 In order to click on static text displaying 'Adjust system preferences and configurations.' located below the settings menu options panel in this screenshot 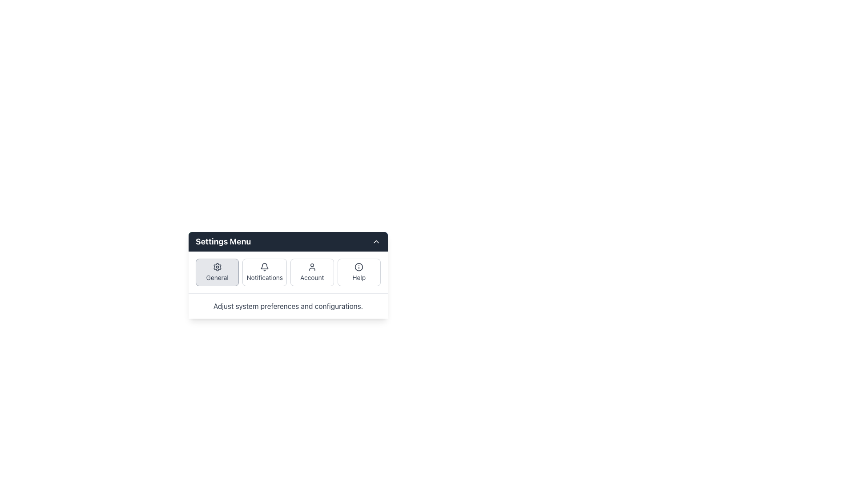, I will do `click(288, 306)`.